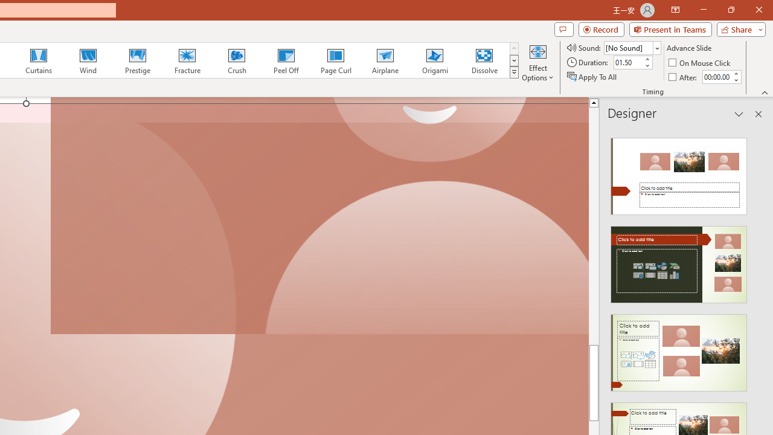  I want to click on 'Transition Effects', so click(514, 72).